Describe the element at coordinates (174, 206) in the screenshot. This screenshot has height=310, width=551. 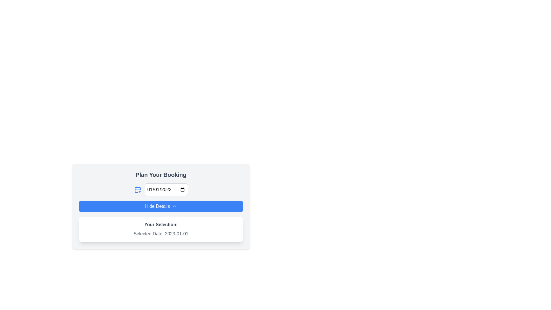
I see `the chevron-up icon that is located to the right of the 'Hide Details' text within a button in the 'Plan Your Booking' interface panel` at that location.